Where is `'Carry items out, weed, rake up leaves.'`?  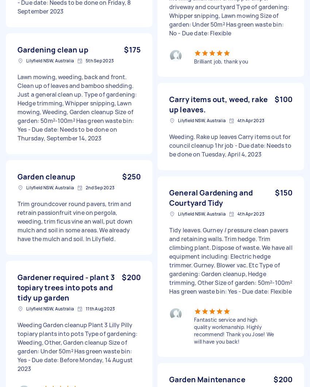
'Carry items out, weed, rake up leaves.' is located at coordinates (218, 104).